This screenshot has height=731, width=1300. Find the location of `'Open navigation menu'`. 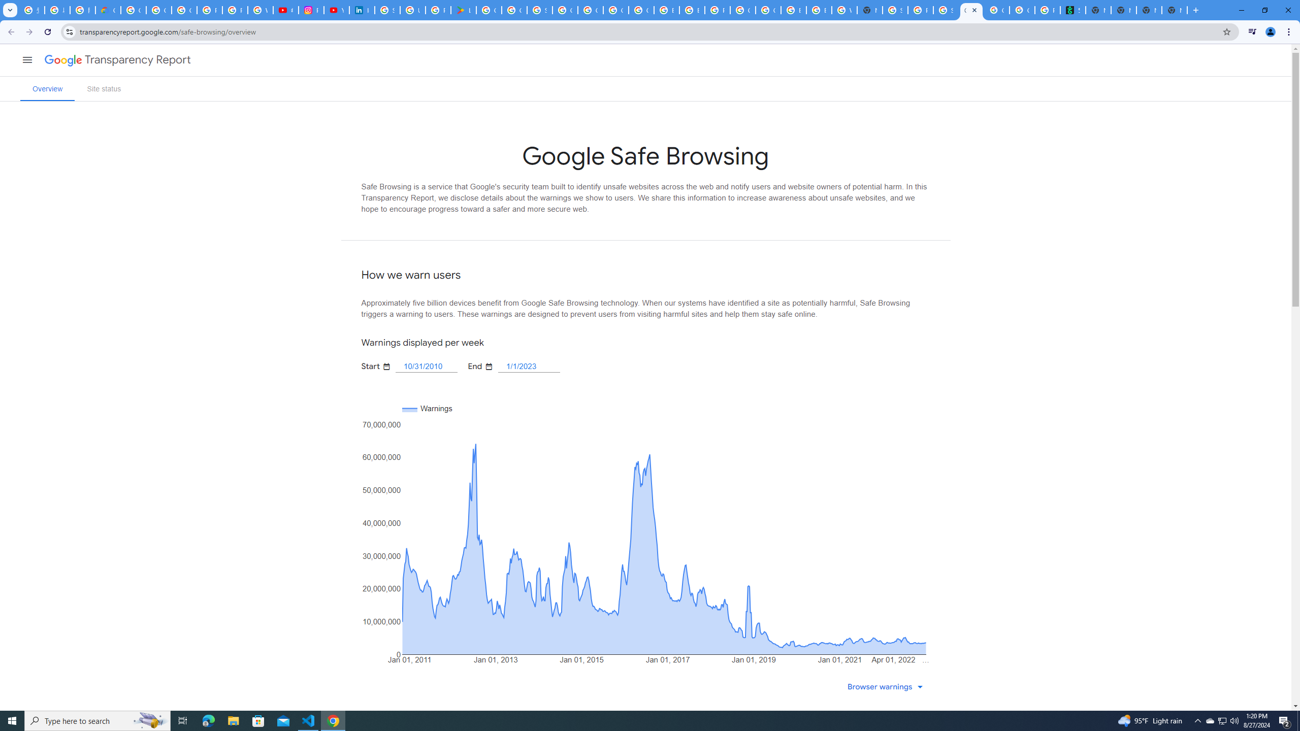

'Open navigation menu' is located at coordinates (26, 59).